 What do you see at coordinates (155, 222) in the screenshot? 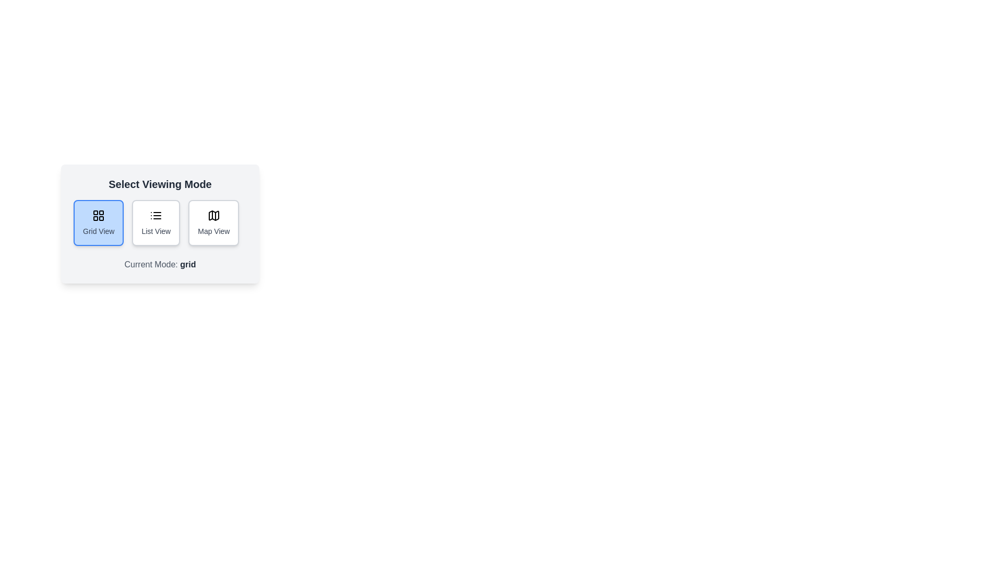
I see `the viewing mode by clicking on the respective button for List View` at bounding box center [155, 222].